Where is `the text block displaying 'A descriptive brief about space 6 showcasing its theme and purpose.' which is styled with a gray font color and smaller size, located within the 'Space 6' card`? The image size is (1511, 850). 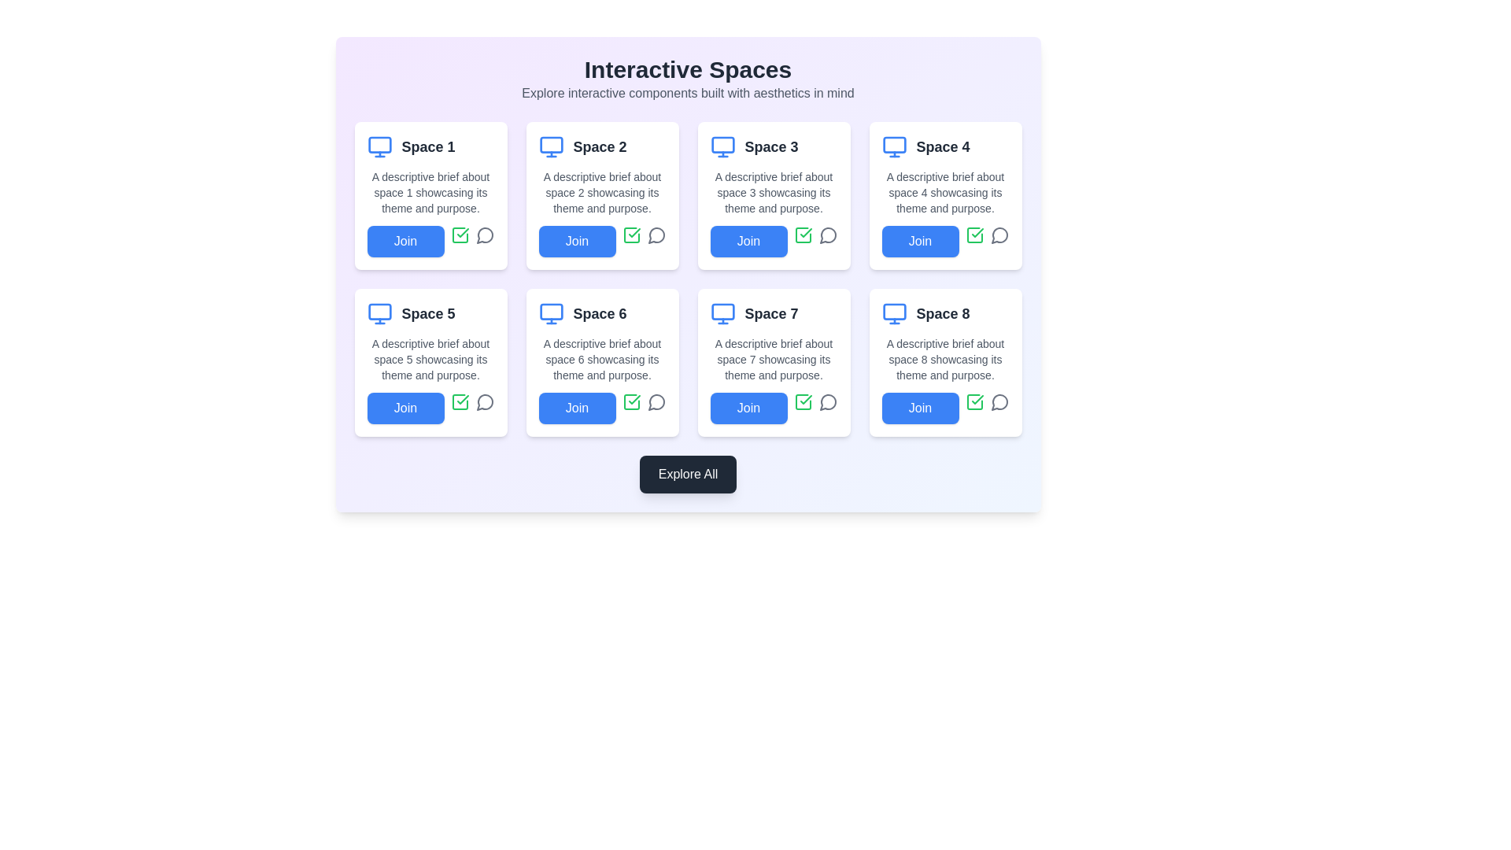 the text block displaying 'A descriptive brief about space 6 showcasing its theme and purpose.' which is styled with a gray font color and smaller size, located within the 'Space 6' card is located at coordinates (601, 359).